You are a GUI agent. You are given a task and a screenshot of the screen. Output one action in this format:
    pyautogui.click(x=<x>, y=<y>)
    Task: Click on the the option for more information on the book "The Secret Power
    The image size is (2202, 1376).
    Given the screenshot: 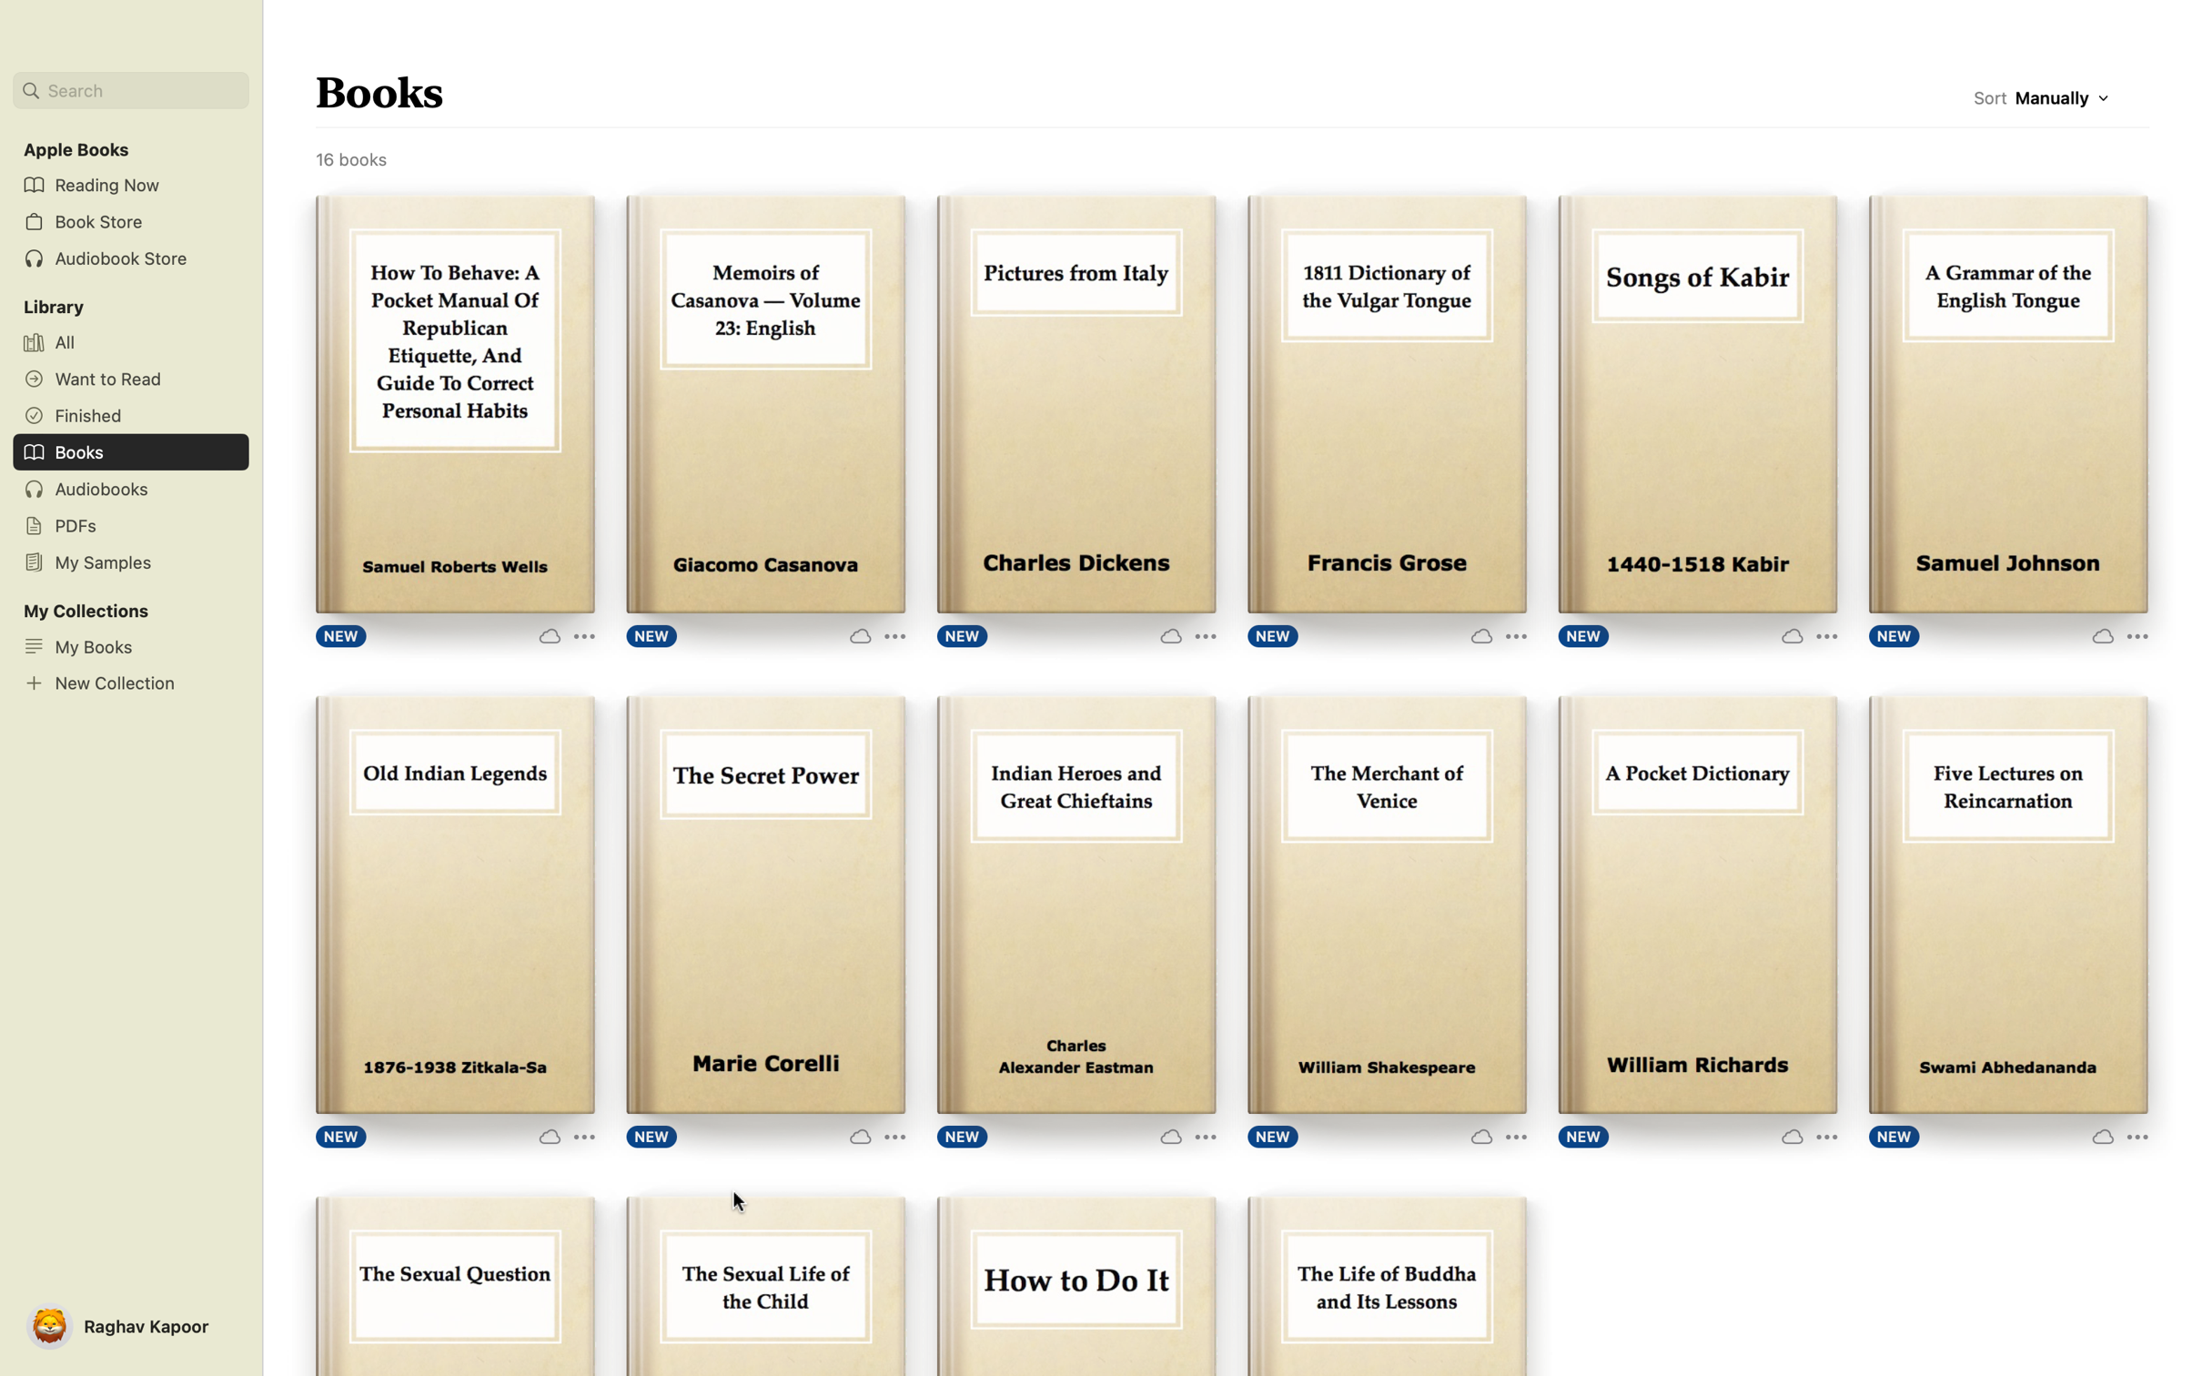 What is the action you would take?
    pyautogui.click(x=876, y=1134)
    